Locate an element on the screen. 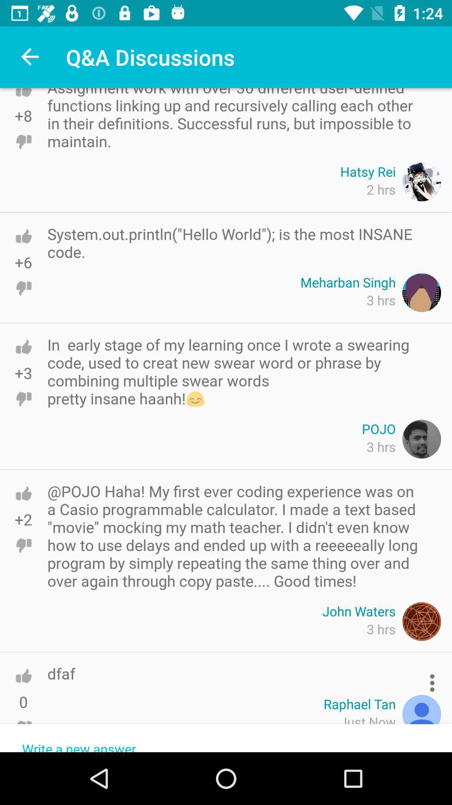 The width and height of the screenshot is (452, 805). click dislike is located at coordinates (23, 288).